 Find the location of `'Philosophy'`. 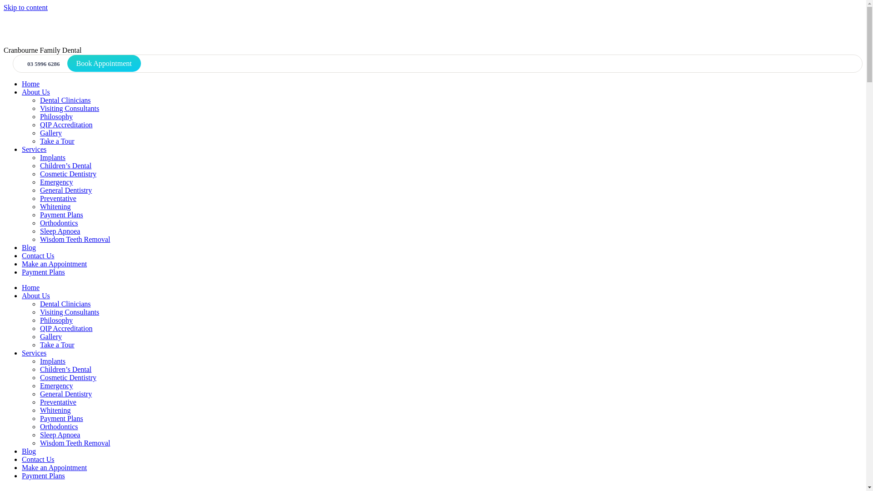

'Philosophy' is located at coordinates (56, 320).